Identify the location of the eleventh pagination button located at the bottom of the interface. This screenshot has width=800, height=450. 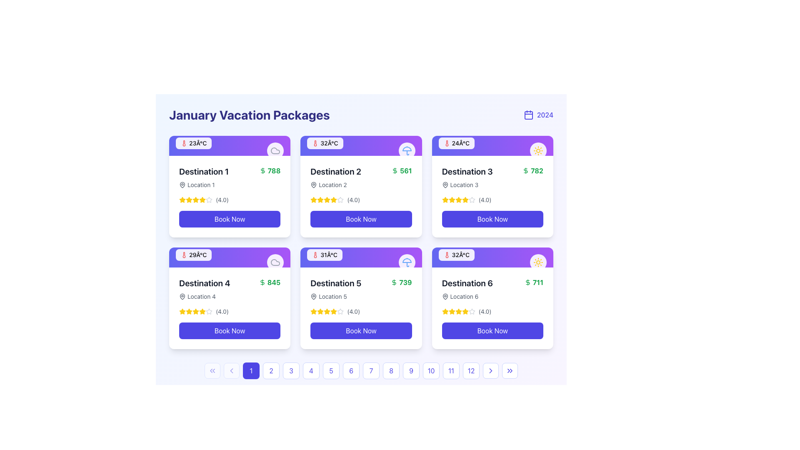
(451, 370).